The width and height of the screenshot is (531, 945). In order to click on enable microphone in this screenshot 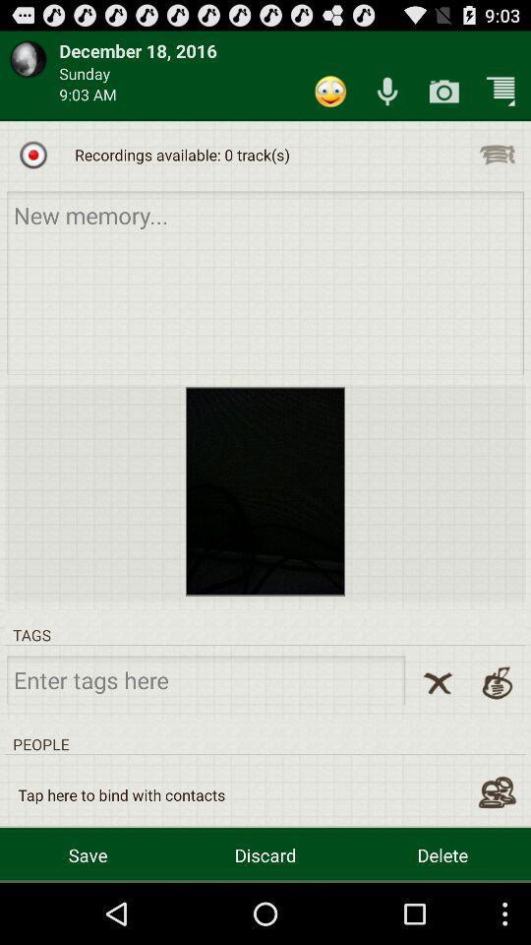, I will do `click(387, 92)`.